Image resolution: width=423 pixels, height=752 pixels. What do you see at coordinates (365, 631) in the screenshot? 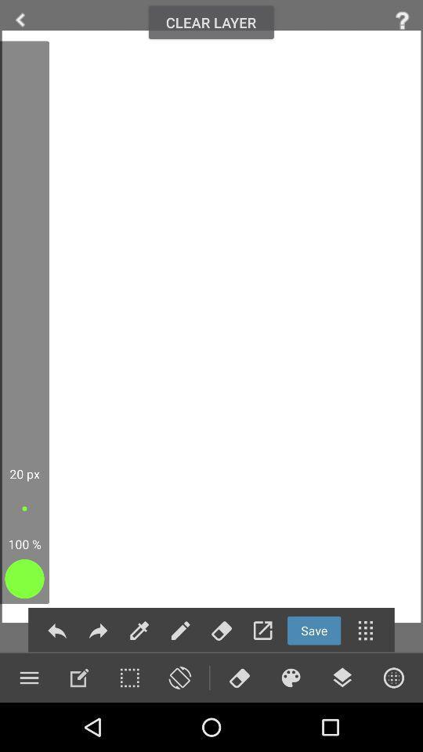
I see `menu button` at bounding box center [365, 631].